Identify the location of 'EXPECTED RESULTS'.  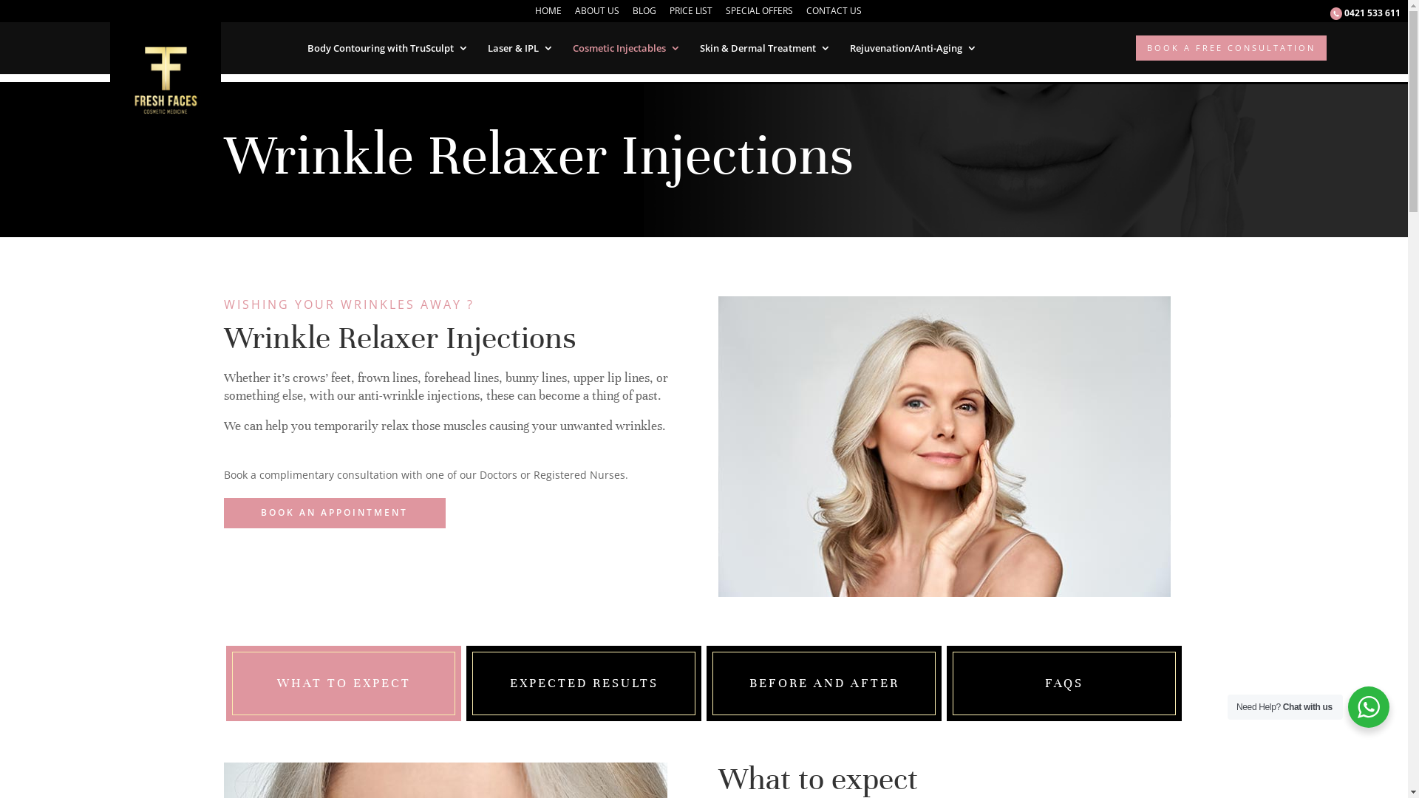
(510, 683).